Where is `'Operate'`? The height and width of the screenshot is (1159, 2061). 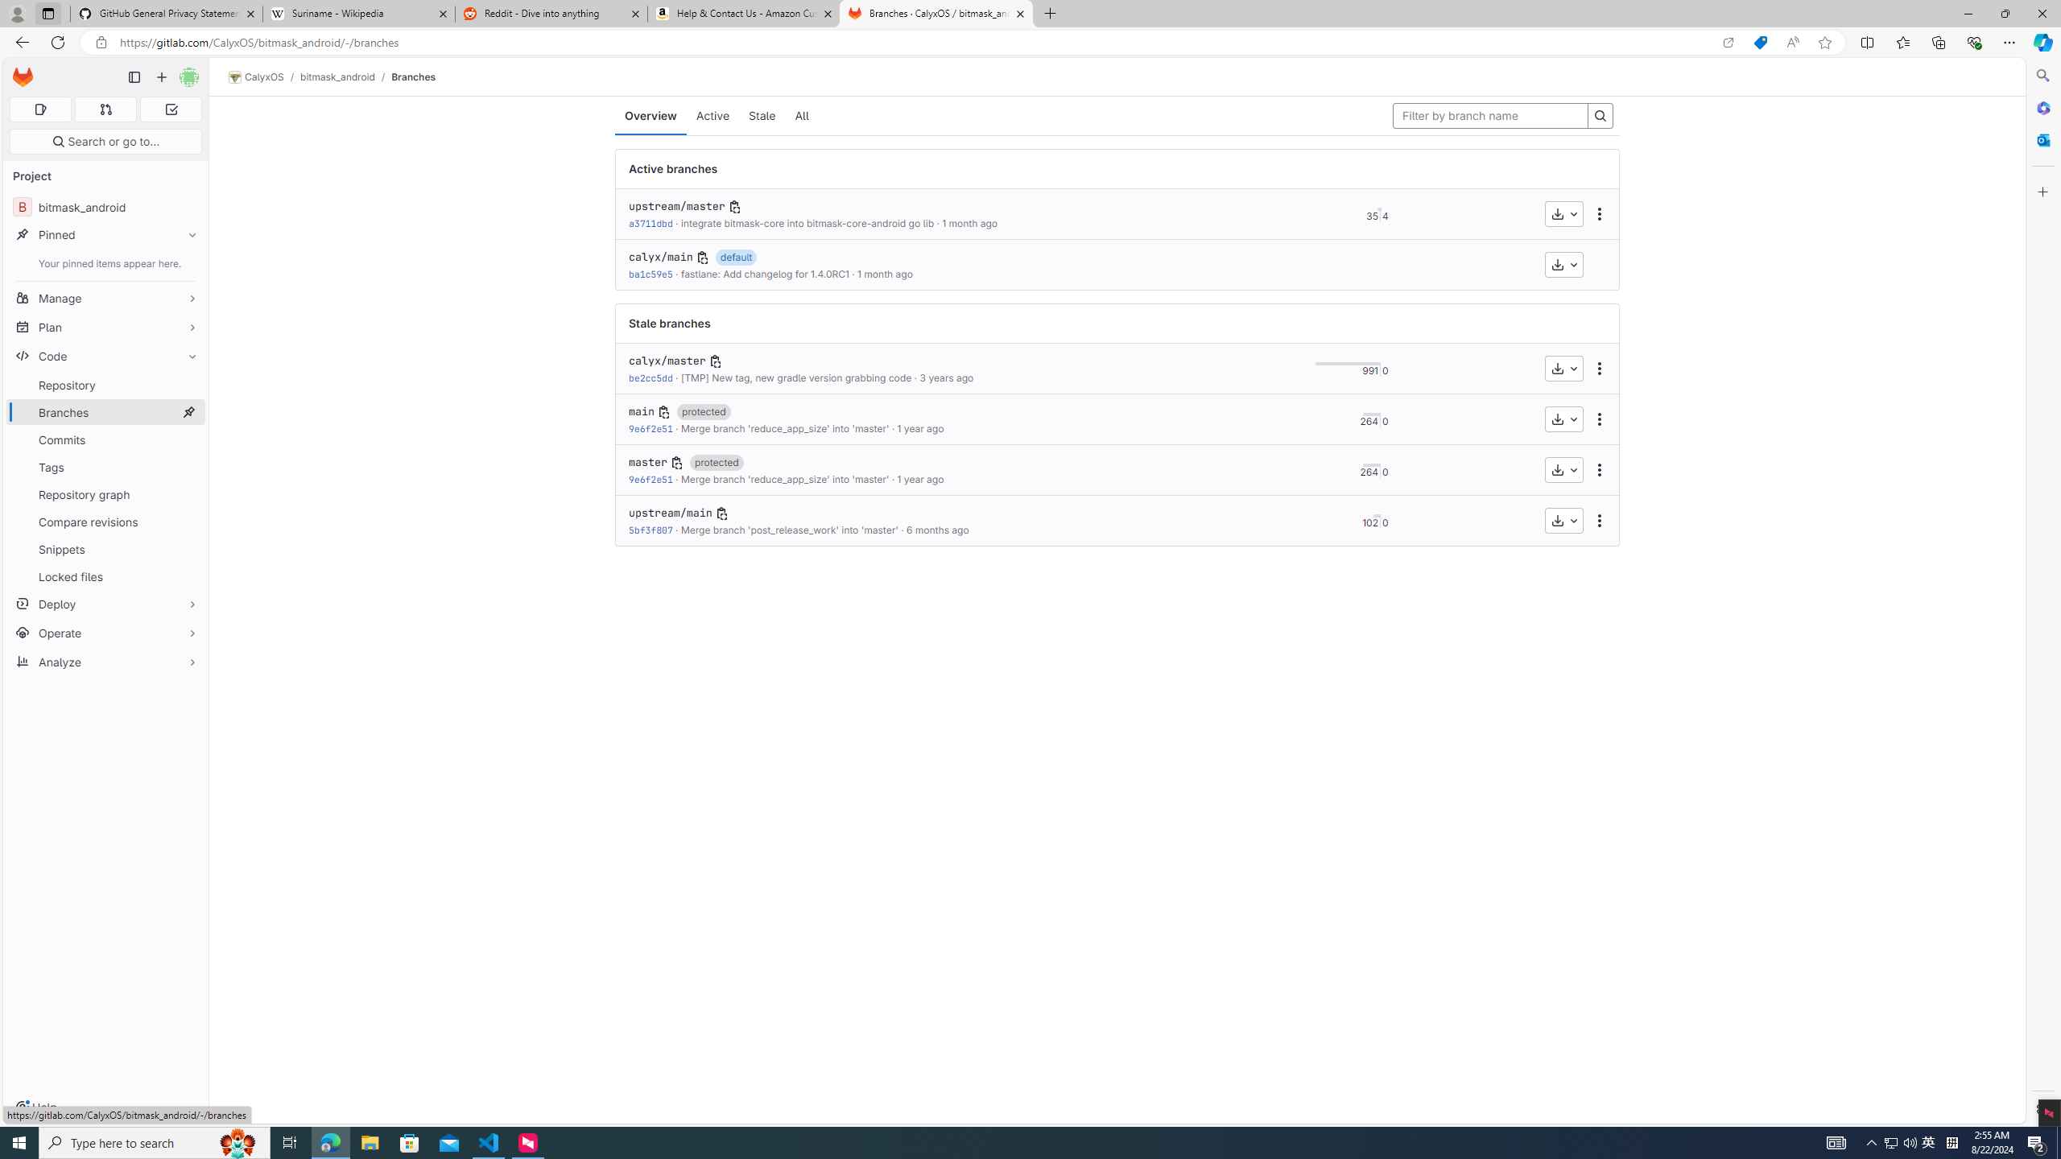
'Operate' is located at coordinates (105, 632).